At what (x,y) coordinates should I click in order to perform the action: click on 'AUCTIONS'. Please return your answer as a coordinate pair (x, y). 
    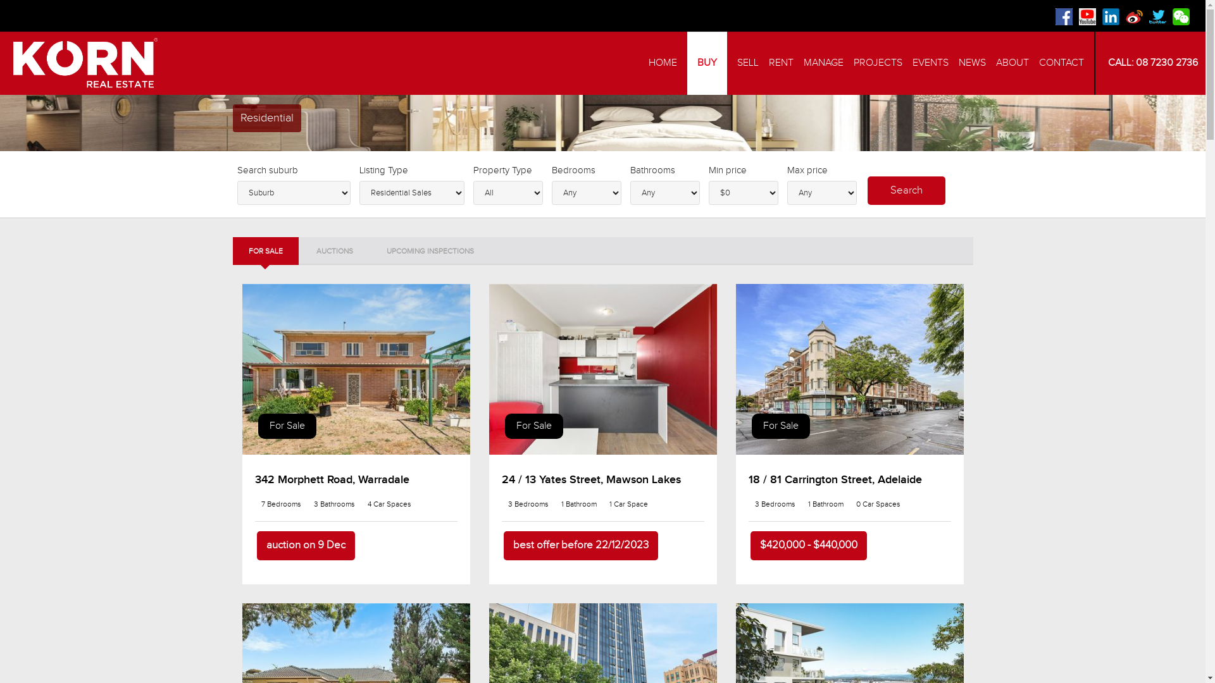
    Looking at the image, I should click on (299, 251).